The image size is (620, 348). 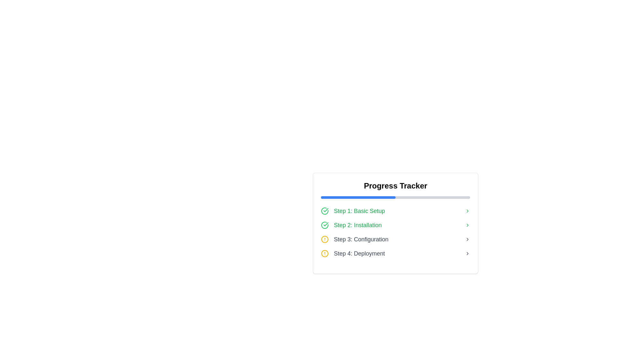 I want to click on the third step button in the Progress Tracker, so click(x=395, y=239).